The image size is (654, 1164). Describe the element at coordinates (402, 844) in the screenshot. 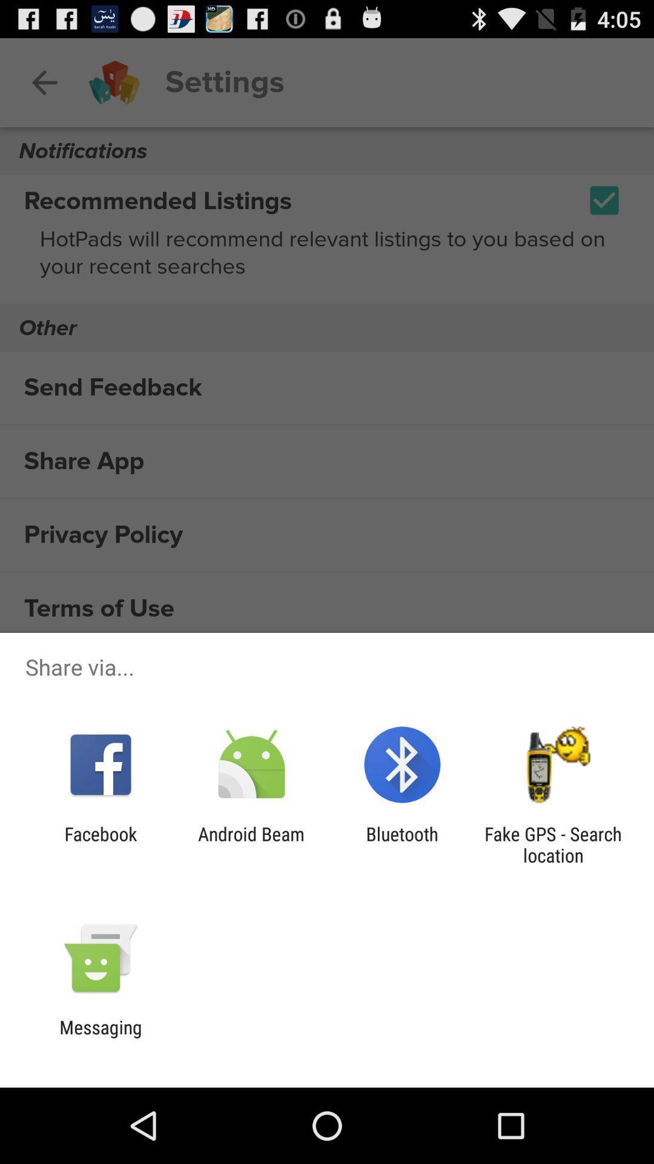

I see `bluetooth icon` at that location.